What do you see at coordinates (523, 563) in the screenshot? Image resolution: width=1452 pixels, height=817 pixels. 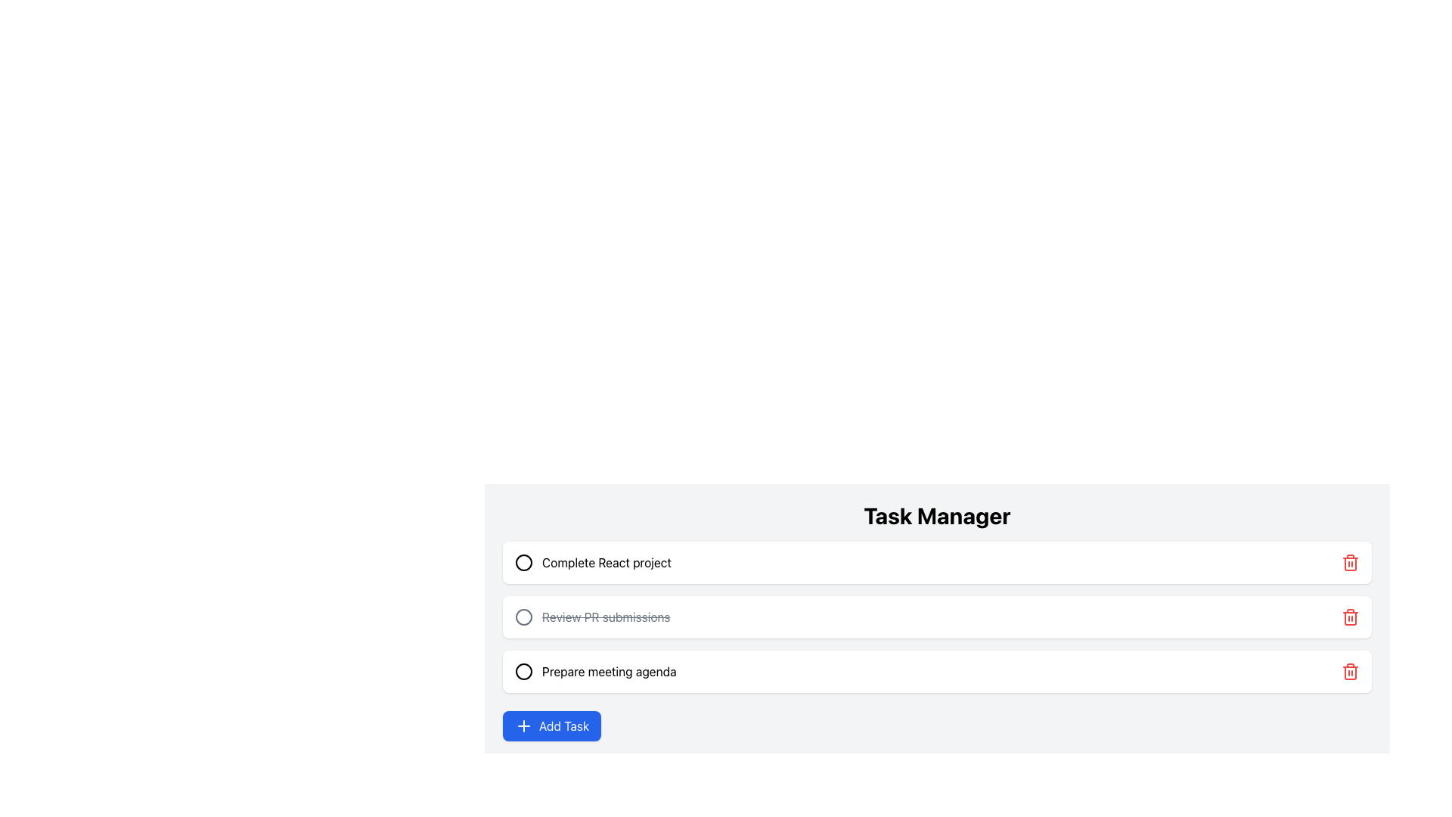 I see `the circular checkbox-like status indicator located to the left of the text 'Complete React project' in the task list` at bounding box center [523, 563].